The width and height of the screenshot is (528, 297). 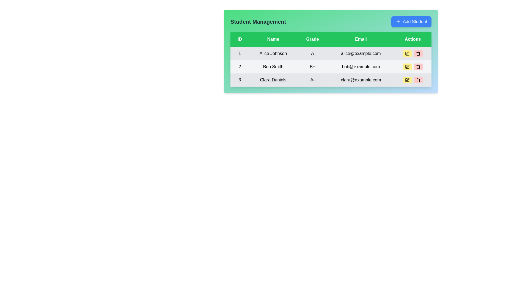 I want to click on the rounded rectangular button with a pinkish-red background and a trash can icon located in the 'Actions' column of the table for 'Alice Johnson', so click(x=418, y=54).